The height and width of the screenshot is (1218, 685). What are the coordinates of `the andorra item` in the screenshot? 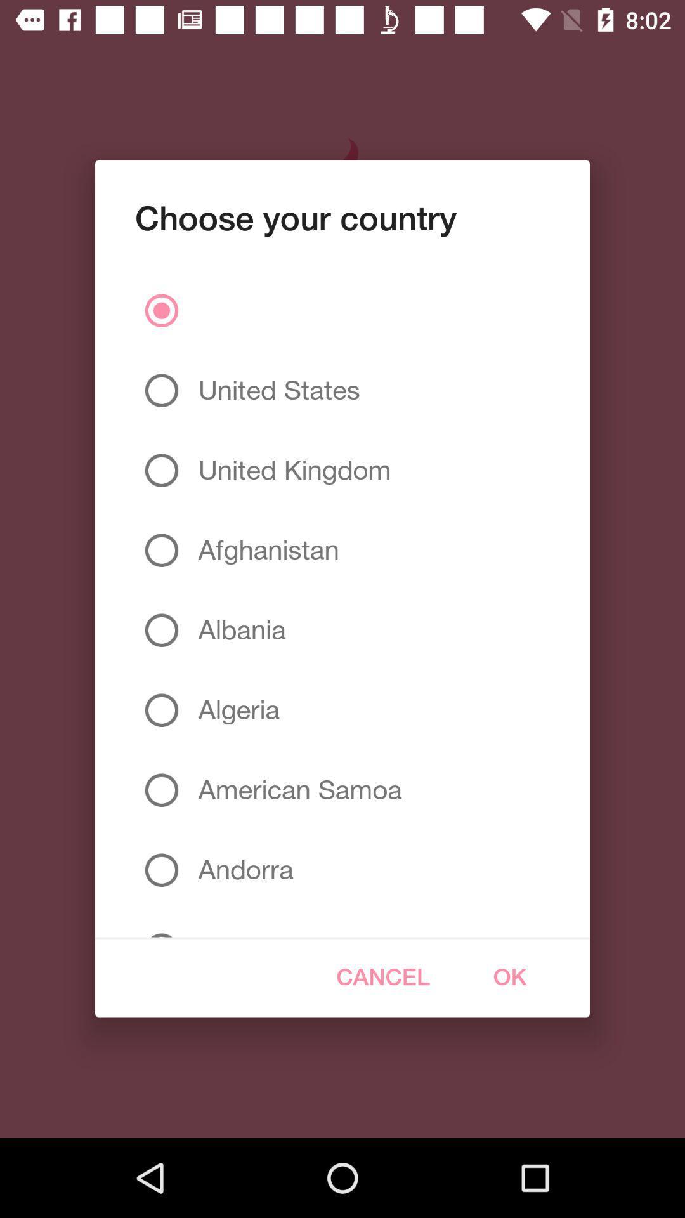 It's located at (240, 869).